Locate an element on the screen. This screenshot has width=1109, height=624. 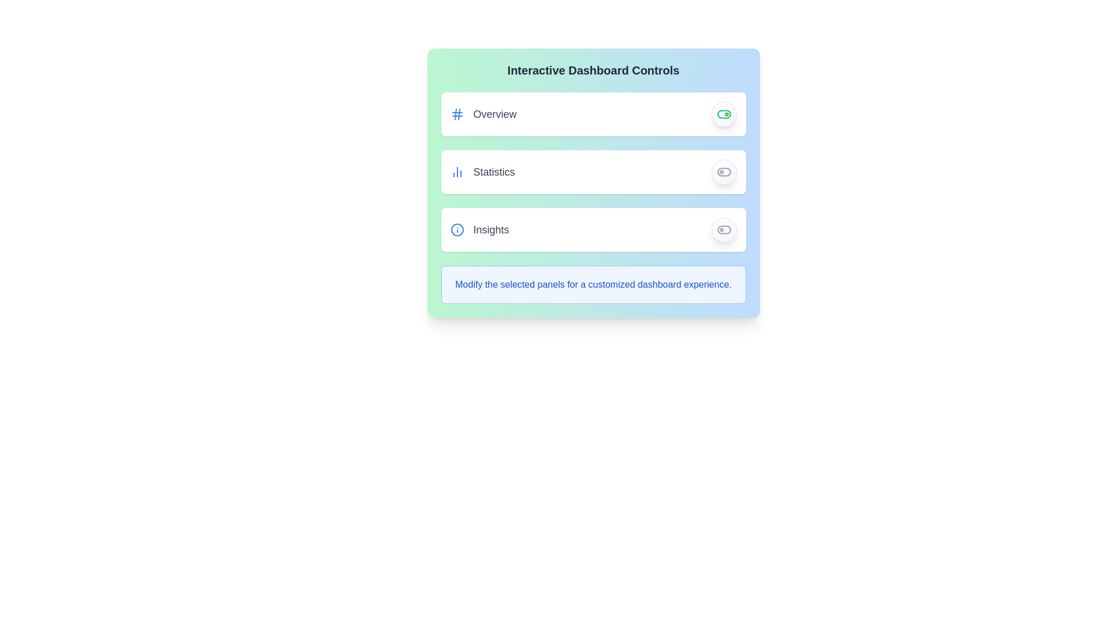
the label that provides navigation for the statistics section in the interactive dashboard controls, located to the right of a chart-like icon is located at coordinates (494, 172).